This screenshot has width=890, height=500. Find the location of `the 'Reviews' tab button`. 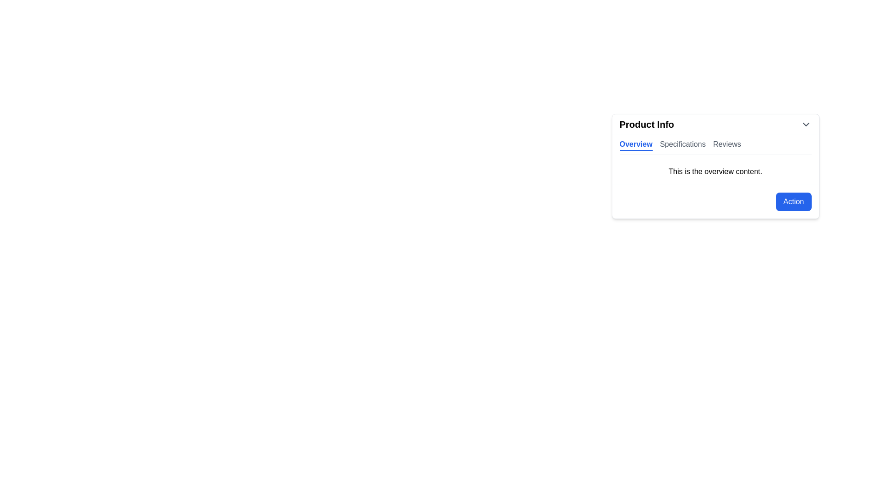

the 'Reviews' tab button is located at coordinates (726, 144).